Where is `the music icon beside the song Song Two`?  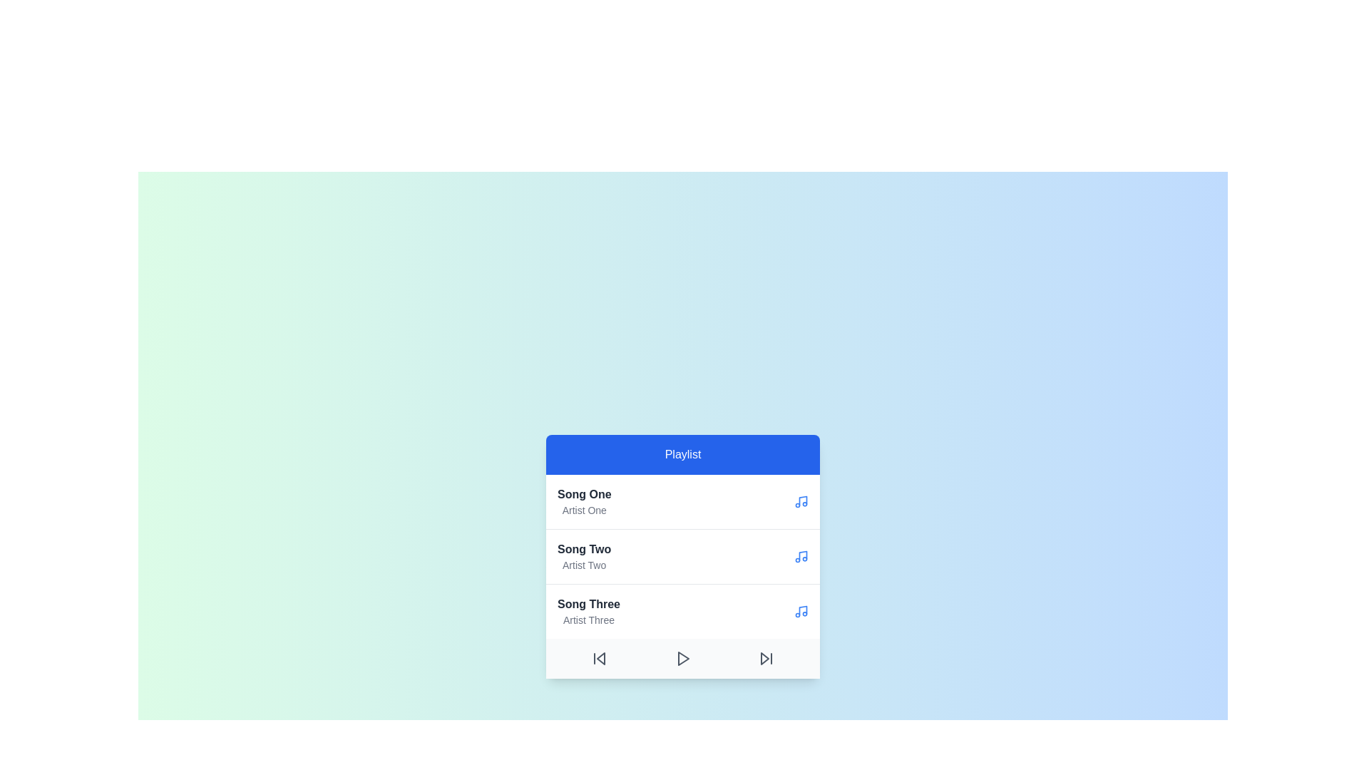
the music icon beside the song Song Two is located at coordinates (801, 555).